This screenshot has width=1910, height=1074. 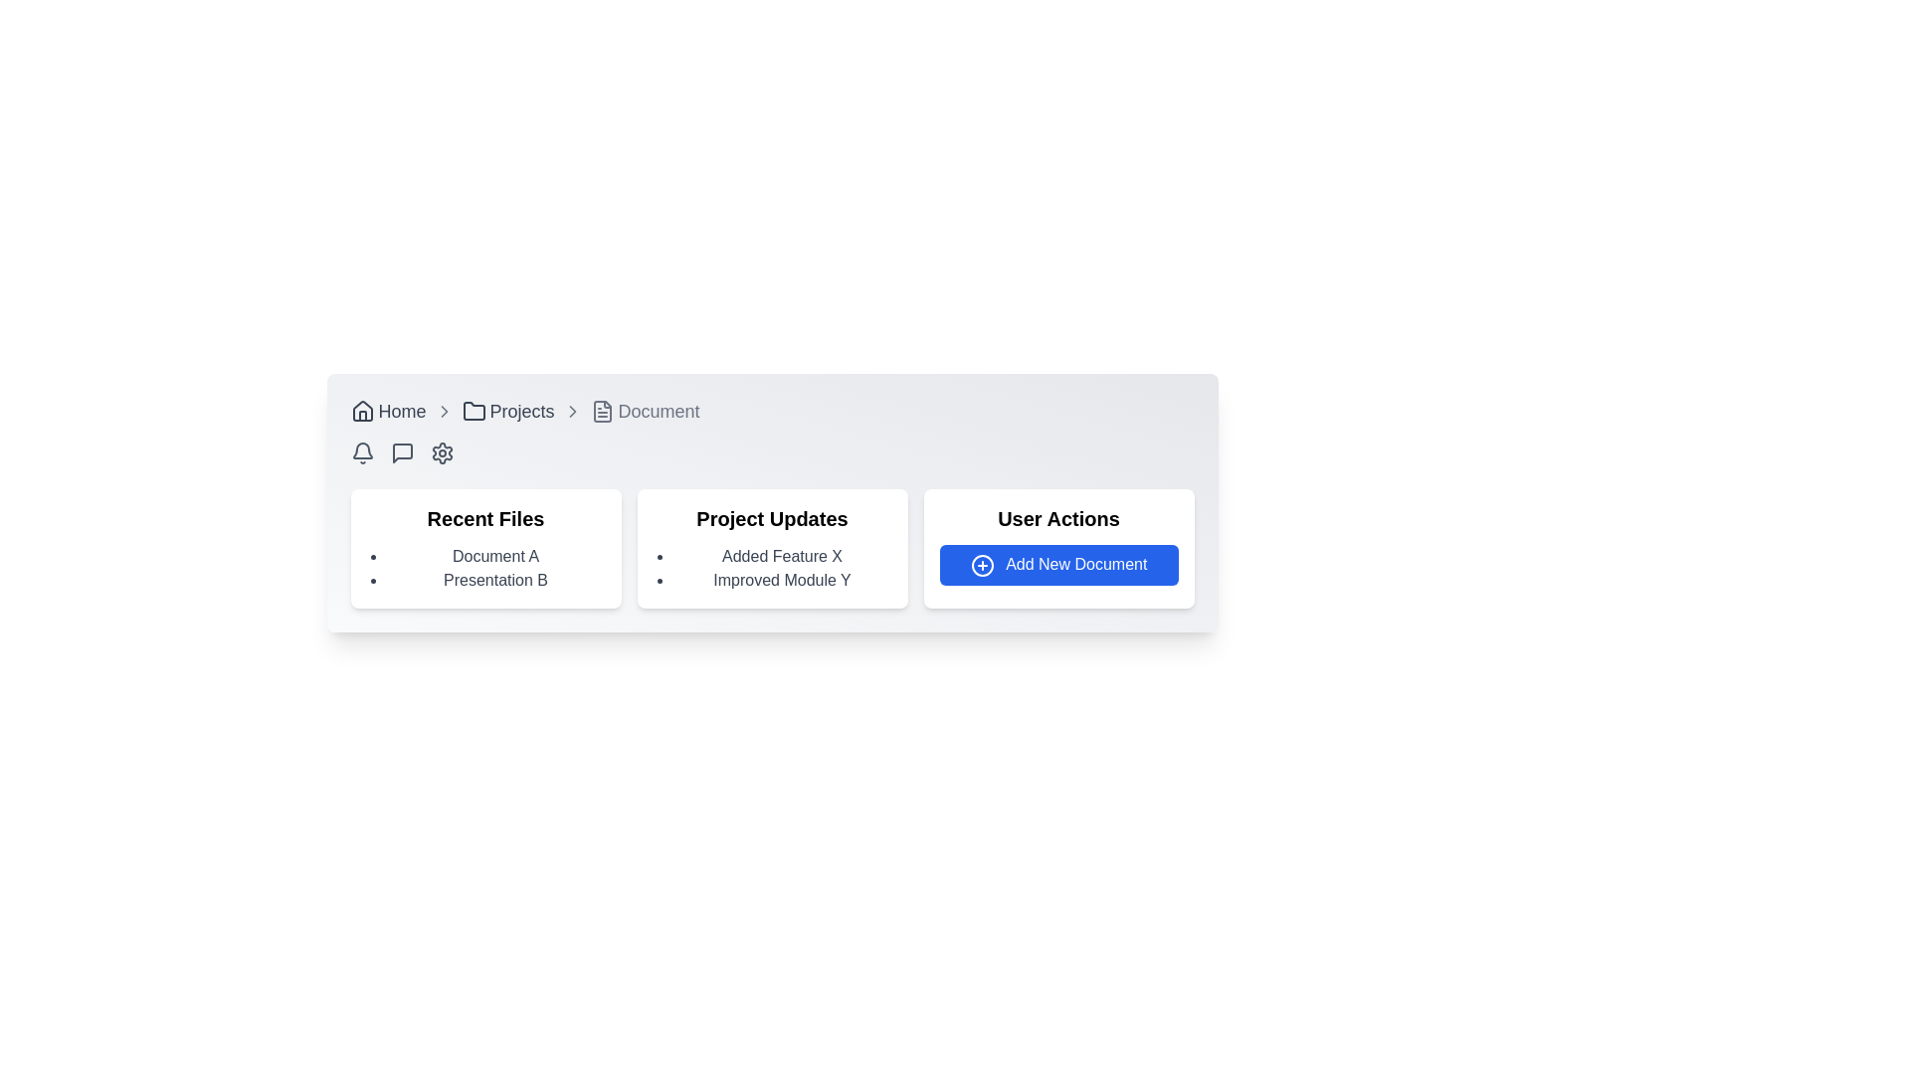 What do you see at coordinates (362, 452) in the screenshot?
I see `the notifications icon located at the top-left section of the interface, which is the second icon in the row beneath the breadcrumb navigation` at bounding box center [362, 452].